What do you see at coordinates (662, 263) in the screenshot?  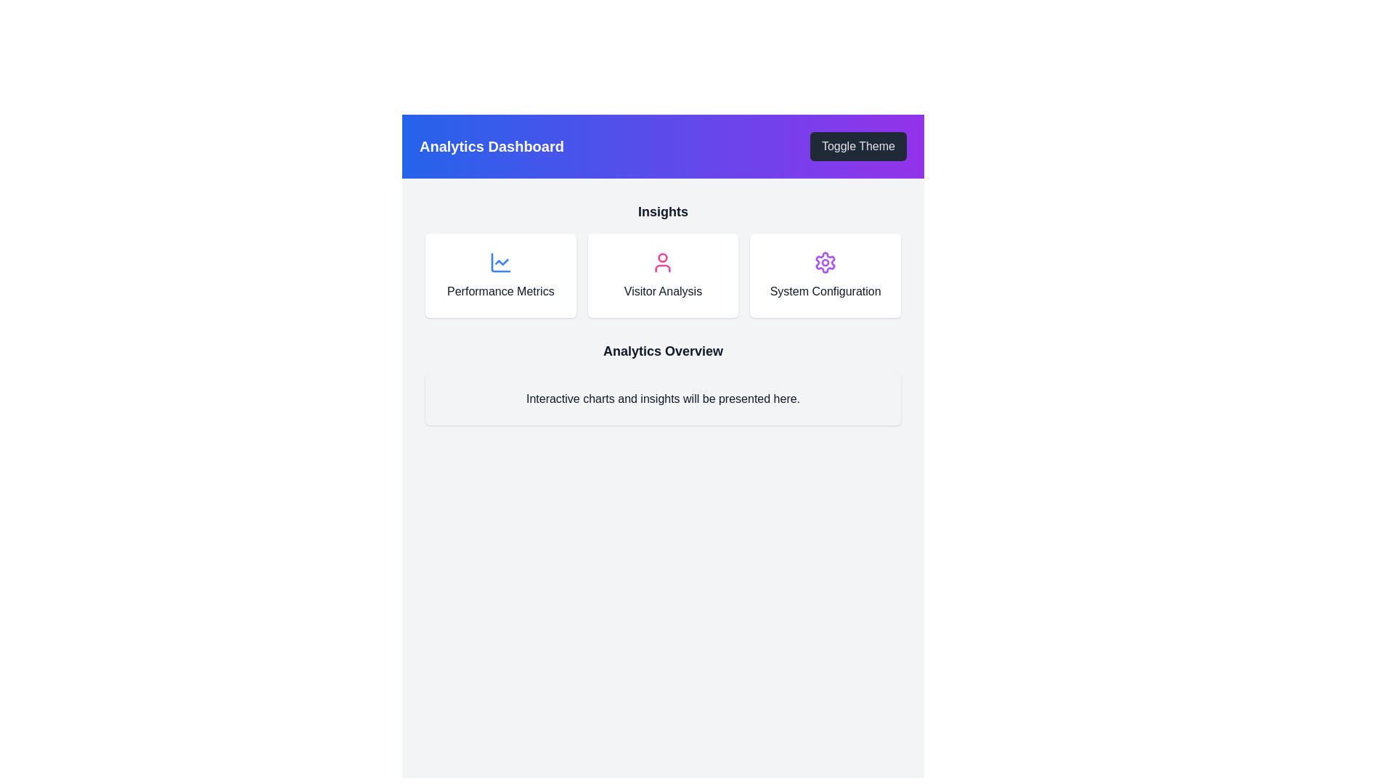 I see `the 'Visitor Analysis' icon, which is the centered icon within the 'Visitor Analysis' card located below the 'Analytics Dashboard' header` at bounding box center [662, 263].